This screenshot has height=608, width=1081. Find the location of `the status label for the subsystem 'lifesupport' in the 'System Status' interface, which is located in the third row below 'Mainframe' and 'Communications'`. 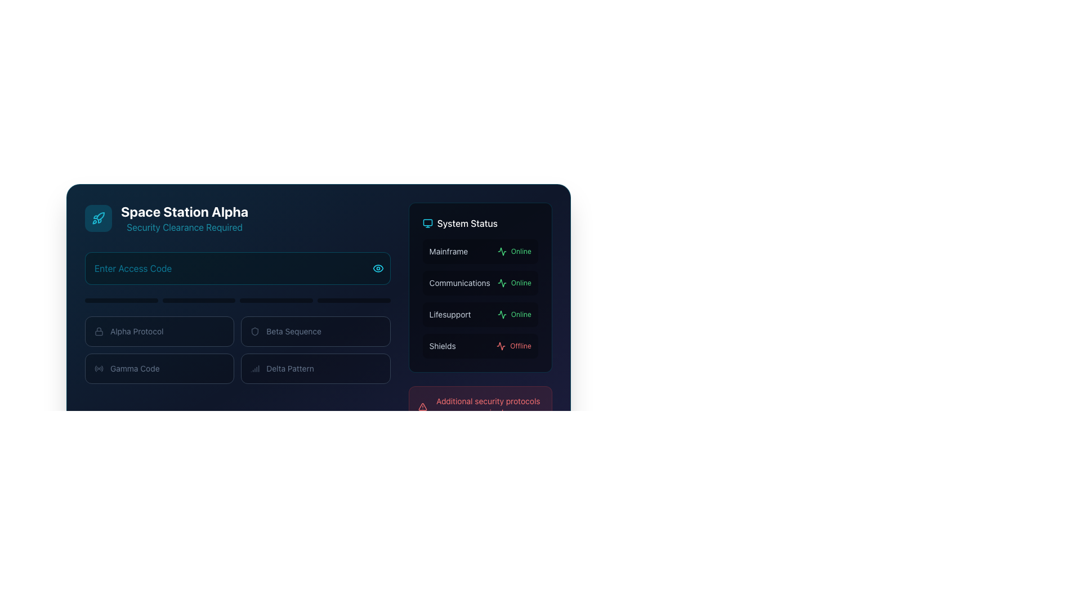

the status label for the subsystem 'lifesupport' in the 'System Status' interface, which is located in the third row below 'Mainframe' and 'Communications' is located at coordinates (449, 315).